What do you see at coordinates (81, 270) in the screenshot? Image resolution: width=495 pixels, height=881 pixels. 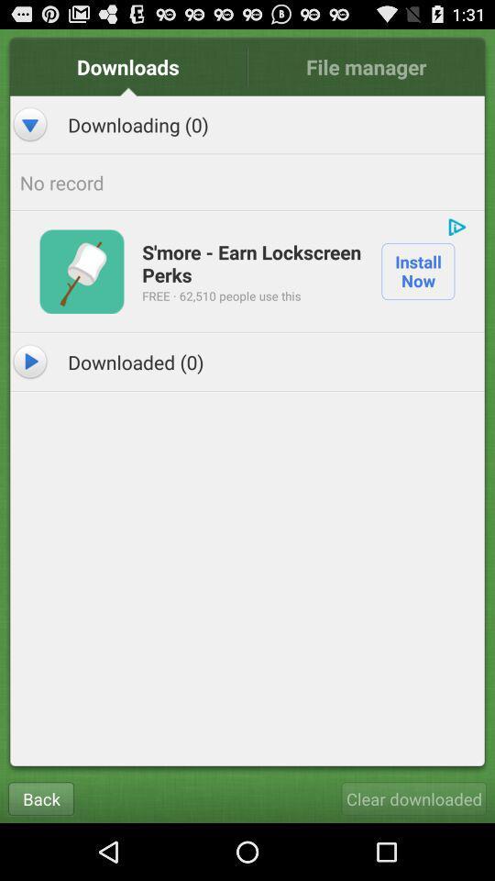 I see `icon next to s more earn` at bounding box center [81, 270].